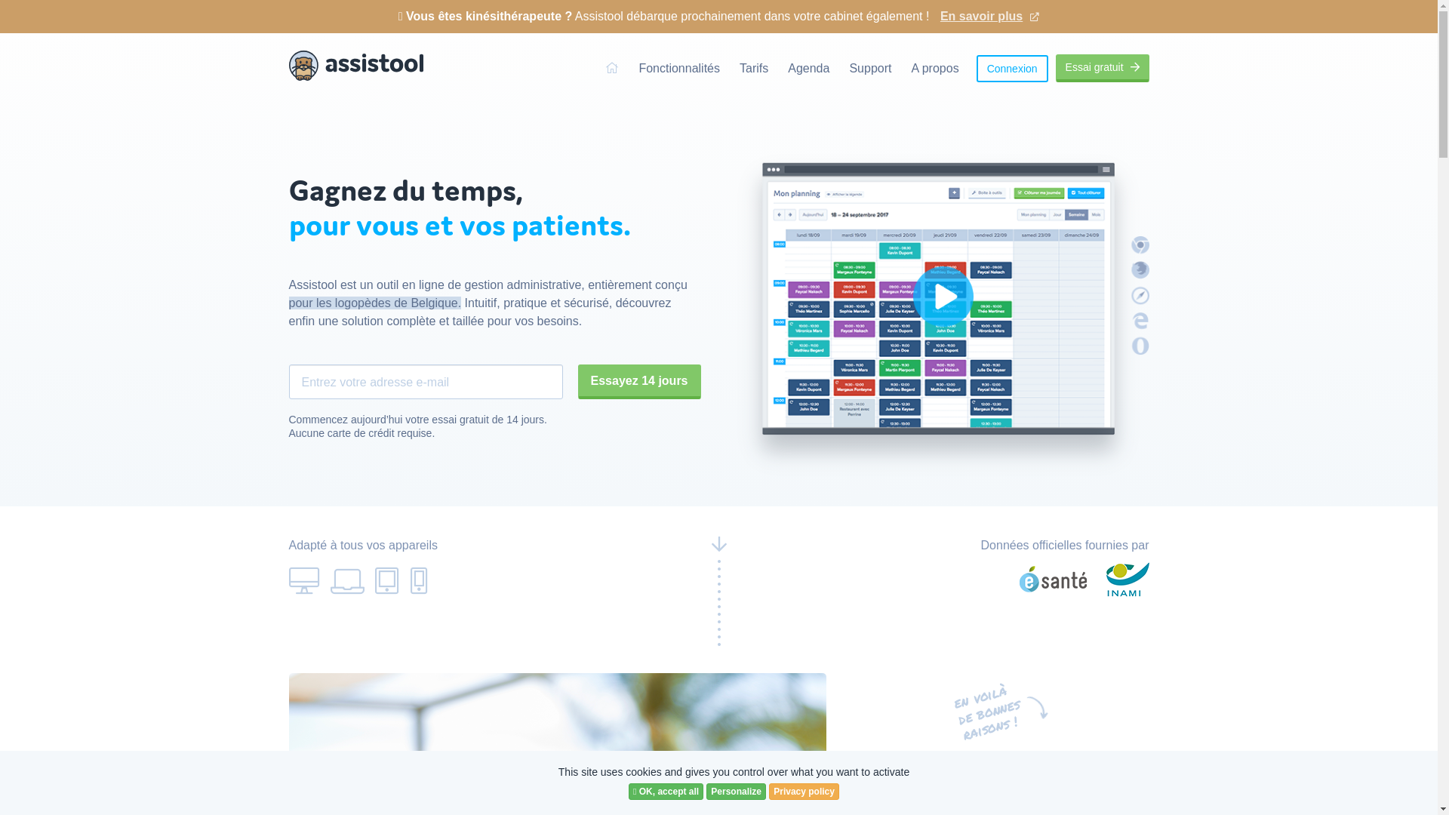 The height and width of the screenshot is (815, 1449). I want to click on 'Connexion', so click(1012, 66).